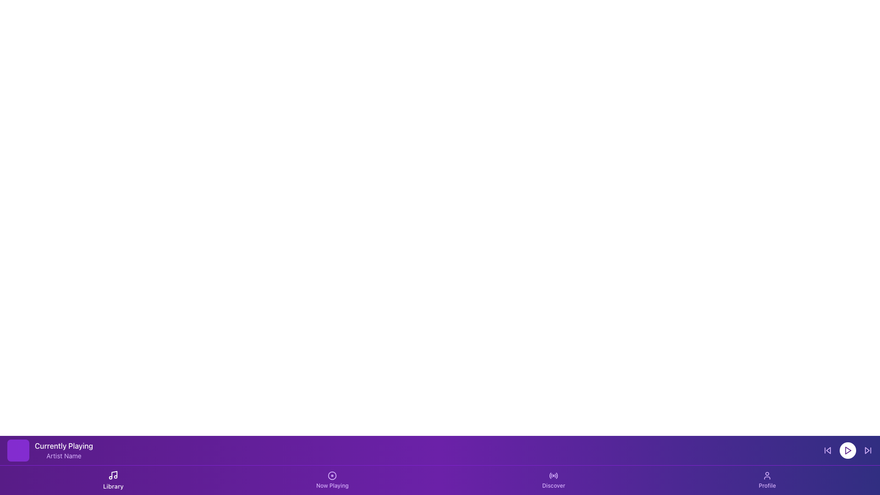 The width and height of the screenshot is (880, 495). Describe the element at coordinates (332, 480) in the screenshot. I see `the centered icon-text button labeled 'Now Playing' in the footer navigation bar` at that location.